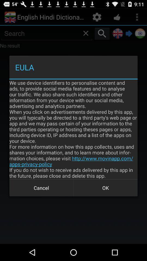 This screenshot has height=261, width=147. What do you see at coordinates (41, 188) in the screenshot?
I see `icon below we use device item` at bounding box center [41, 188].